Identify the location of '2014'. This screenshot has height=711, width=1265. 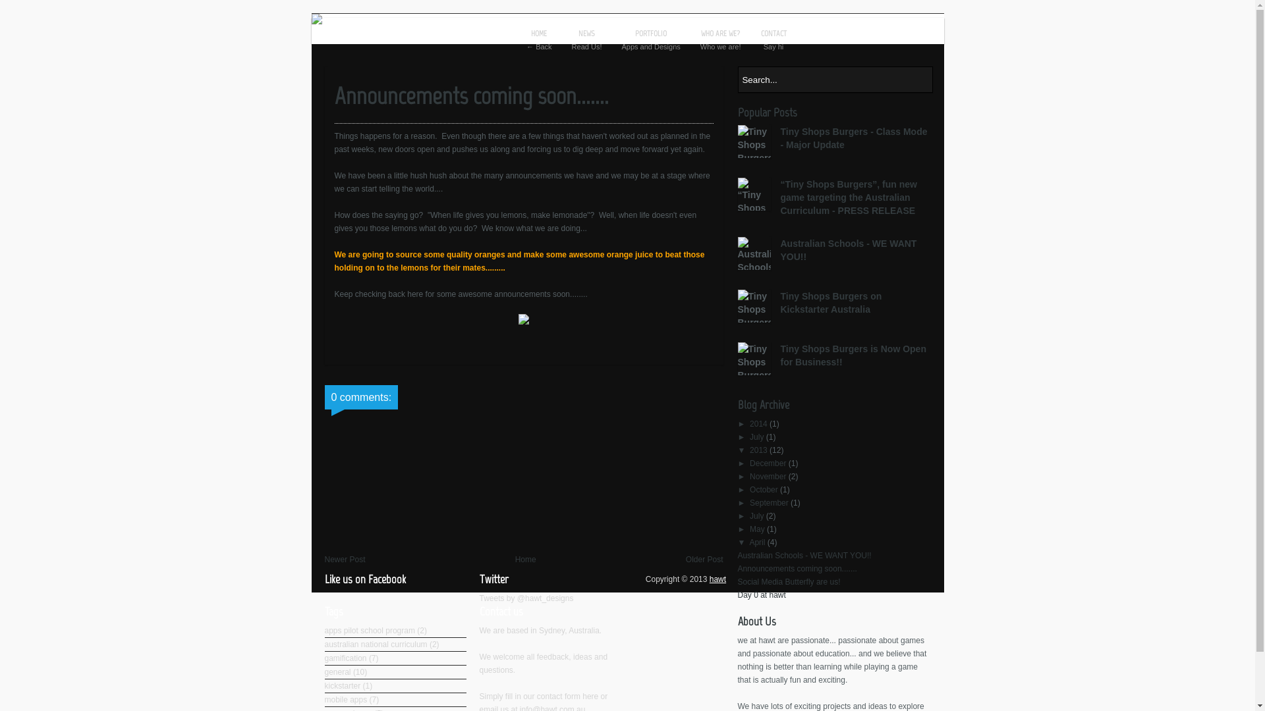
(749, 424).